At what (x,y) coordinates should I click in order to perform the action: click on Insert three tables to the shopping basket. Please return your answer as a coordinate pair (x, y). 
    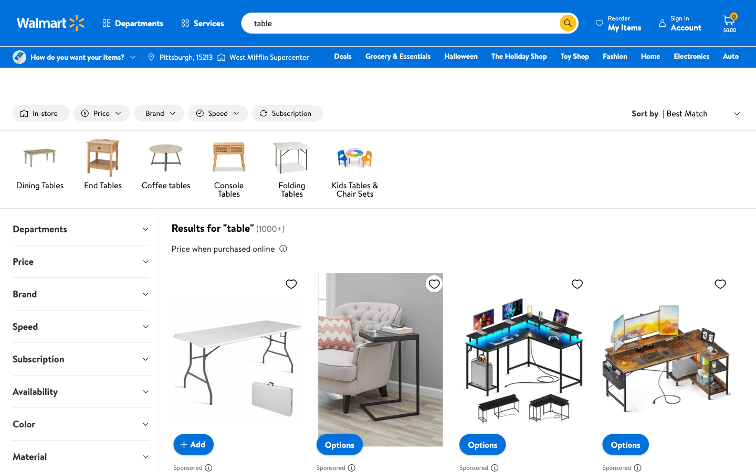
    Looking at the image, I should click on (193, 444).